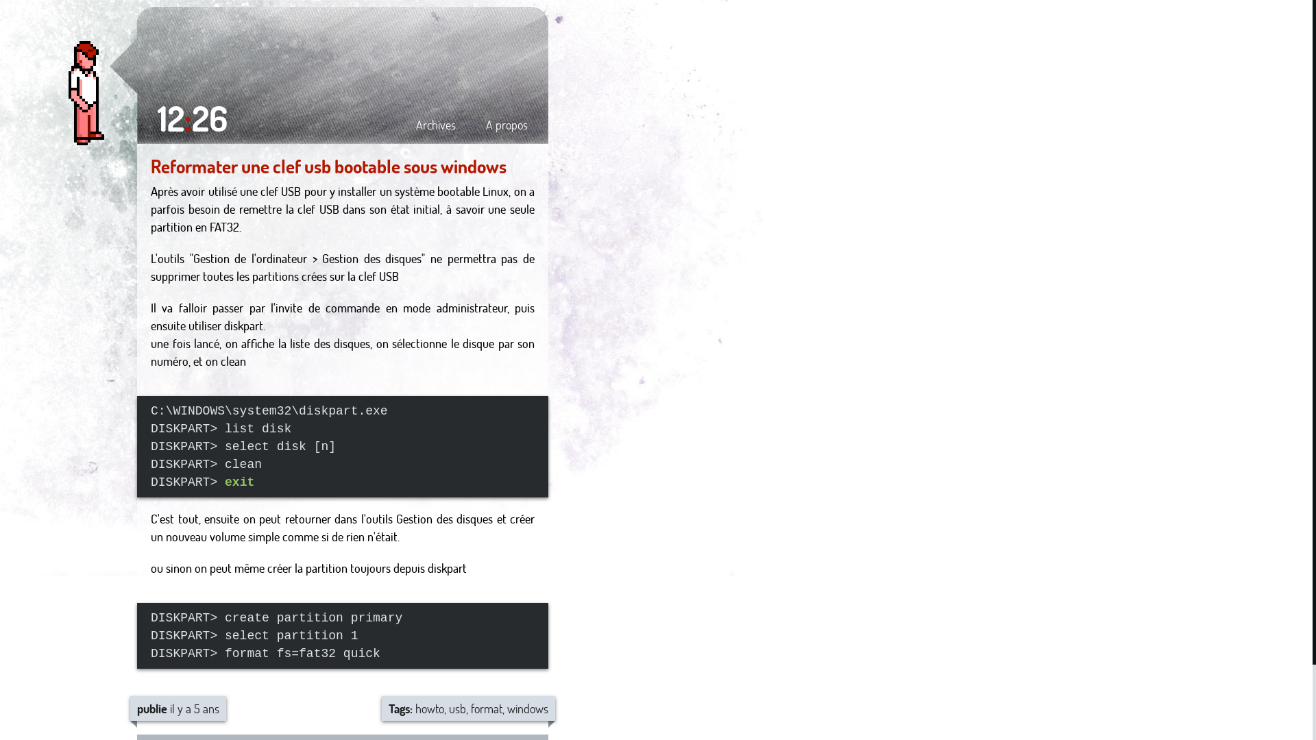  What do you see at coordinates (506, 124) in the screenshot?
I see `'A propos'` at bounding box center [506, 124].